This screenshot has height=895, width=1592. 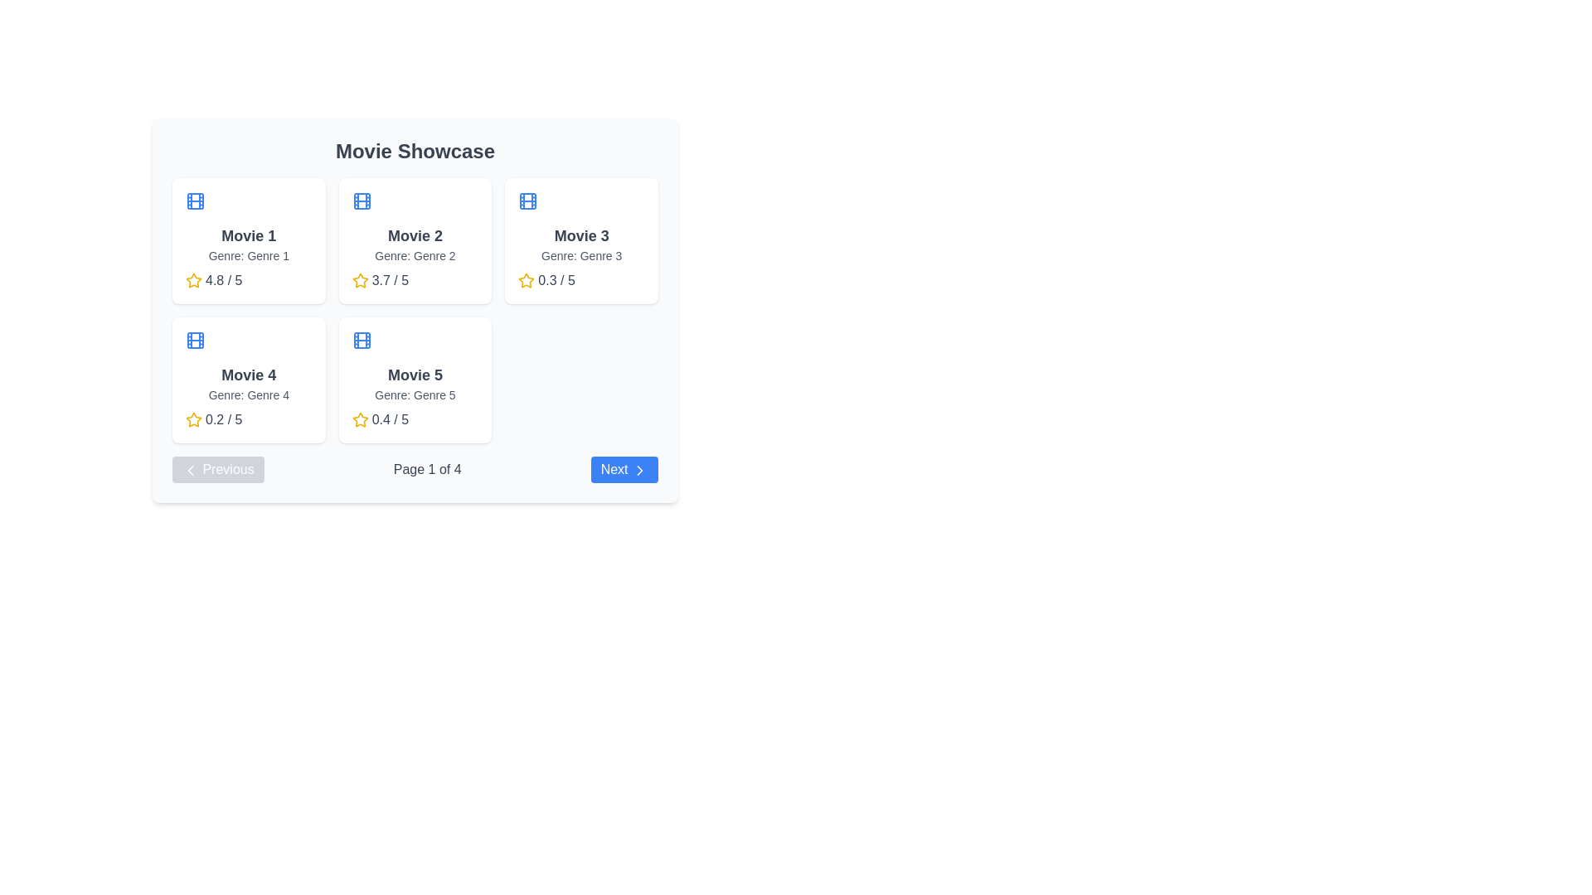 I want to click on genre information displayed in the text located beneath the title 'Movie 5' in the second column of the card, so click(x=415, y=395).